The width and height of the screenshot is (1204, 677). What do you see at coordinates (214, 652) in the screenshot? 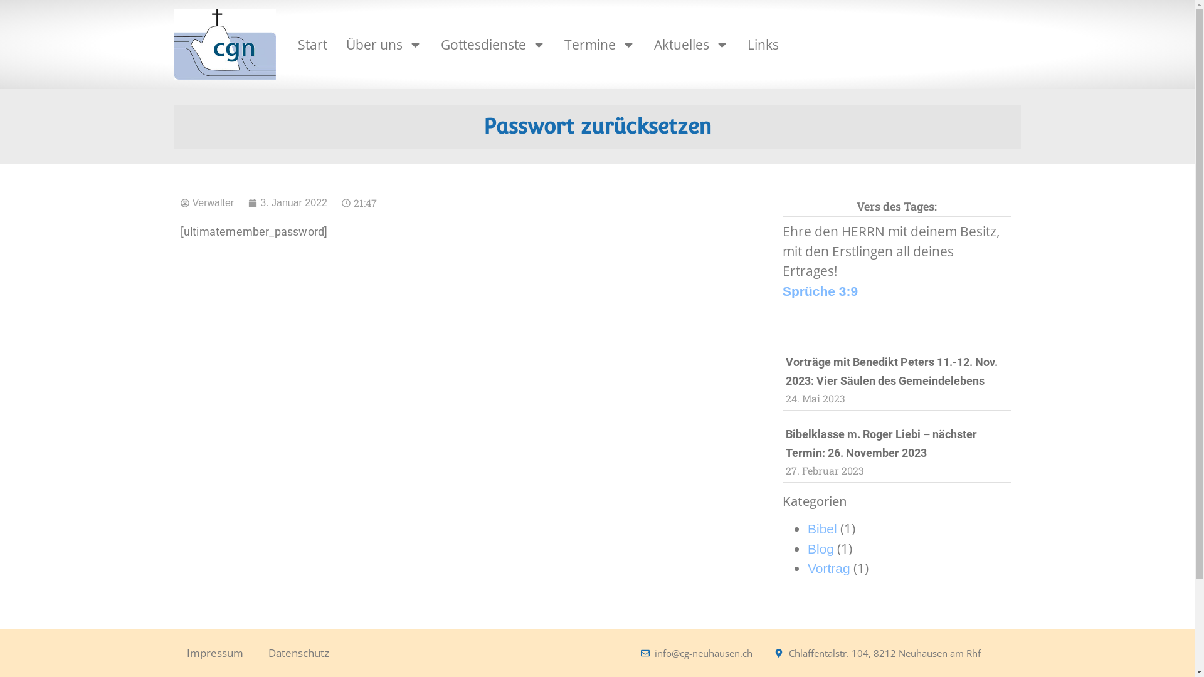
I see `'Impressum'` at bounding box center [214, 652].